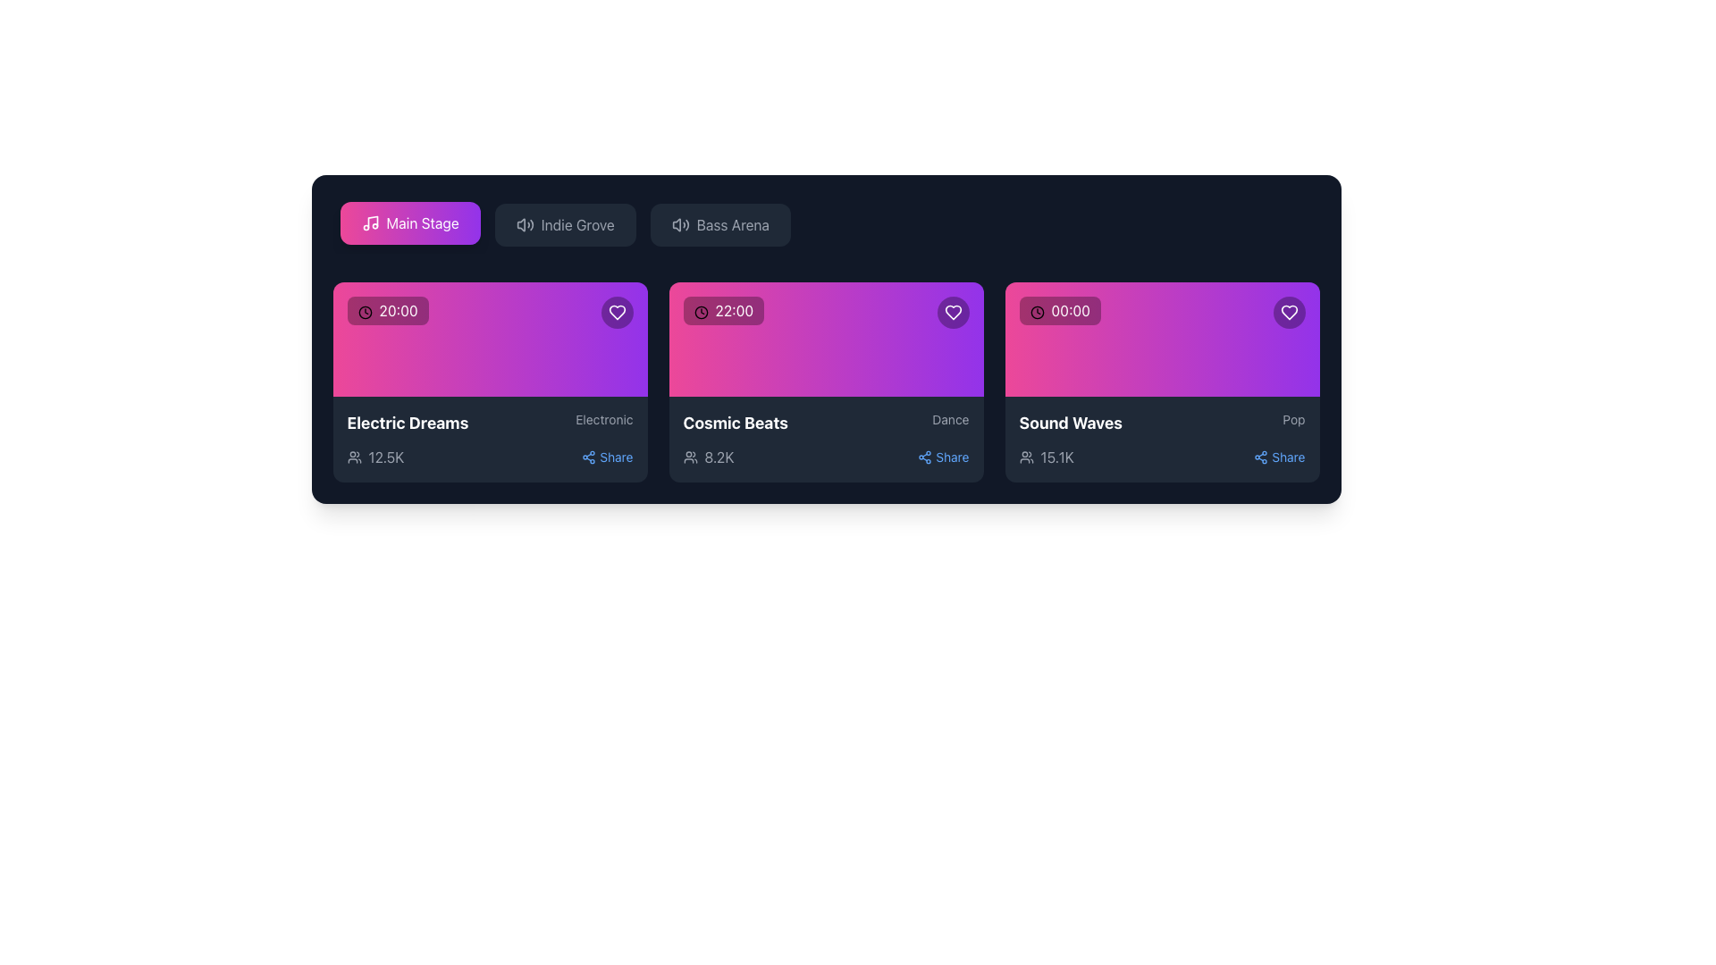  Describe the element at coordinates (952, 312) in the screenshot. I see `the circular 'like' or 'favorite' button located` at that location.